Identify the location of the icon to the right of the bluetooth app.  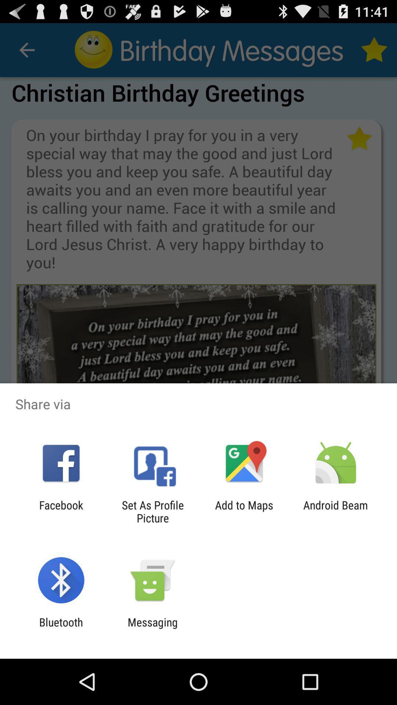
(152, 628).